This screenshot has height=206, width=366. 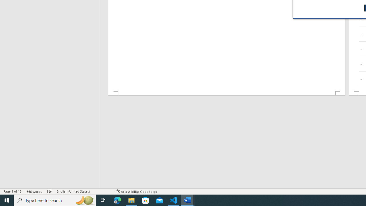 What do you see at coordinates (12, 191) in the screenshot?
I see `'Page Number Page 1 of 15'` at bounding box center [12, 191].